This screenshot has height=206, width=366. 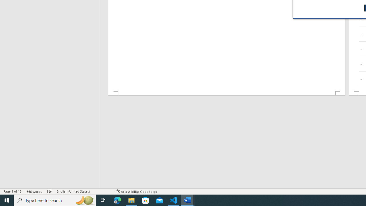 What do you see at coordinates (12, 191) in the screenshot?
I see `'Page Number Page 1 of 15'` at bounding box center [12, 191].